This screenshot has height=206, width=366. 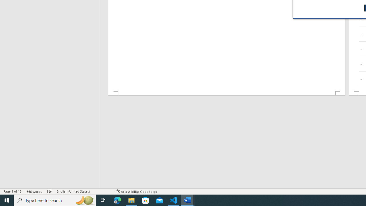 What do you see at coordinates (12, 191) in the screenshot?
I see `'Page Number Page 1 of 15'` at bounding box center [12, 191].